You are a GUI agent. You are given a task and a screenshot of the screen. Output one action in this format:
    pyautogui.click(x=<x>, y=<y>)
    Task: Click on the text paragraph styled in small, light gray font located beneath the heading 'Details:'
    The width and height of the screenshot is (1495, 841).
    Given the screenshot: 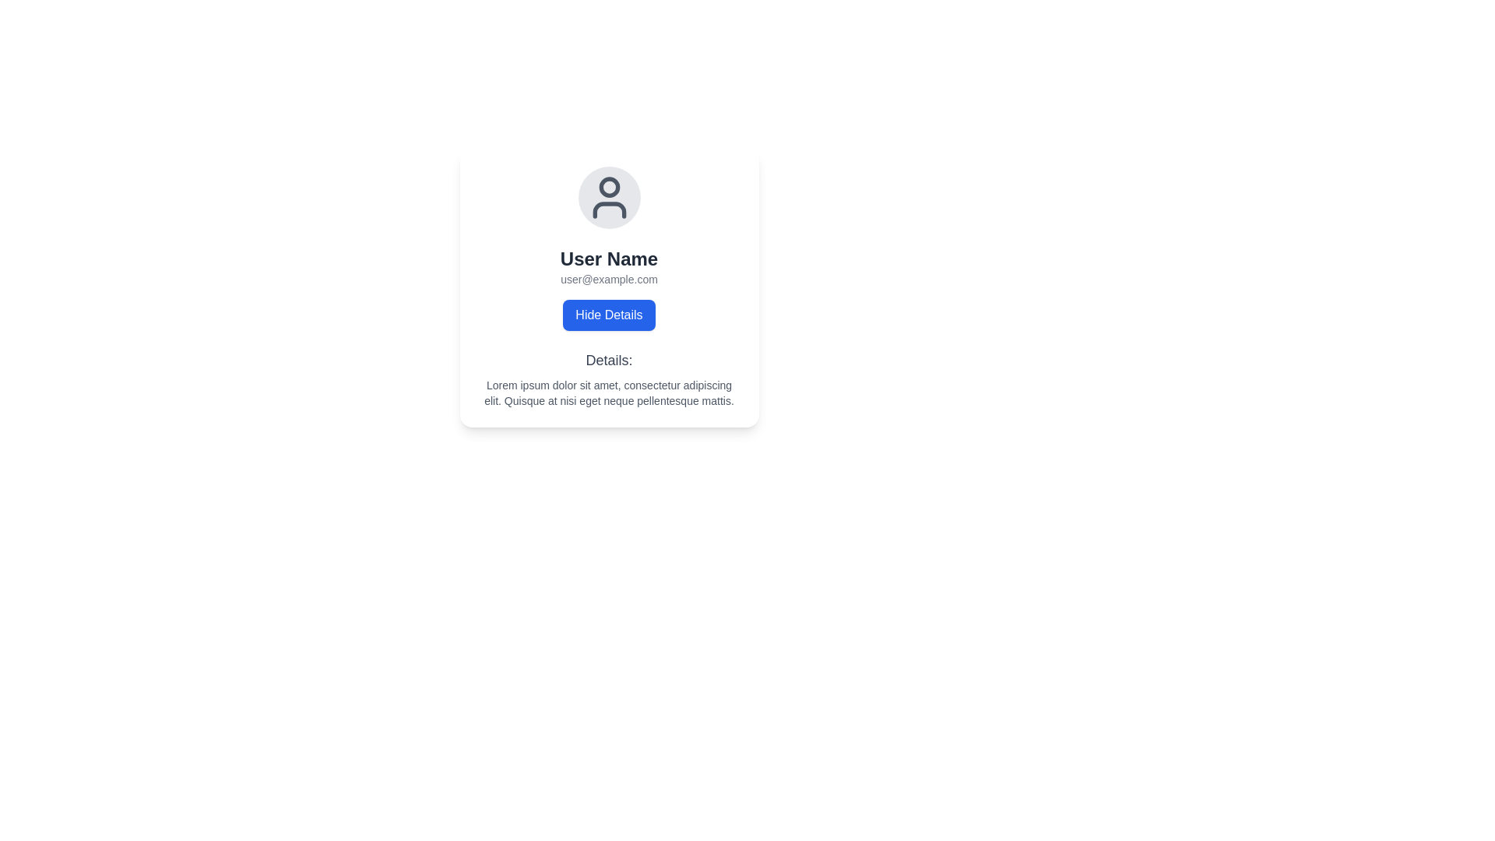 What is the action you would take?
    pyautogui.click(x=608, y=392)
    